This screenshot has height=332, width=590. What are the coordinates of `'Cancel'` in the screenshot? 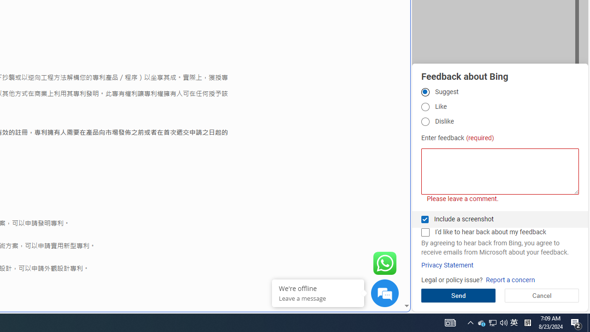 It's located at (542, 295).